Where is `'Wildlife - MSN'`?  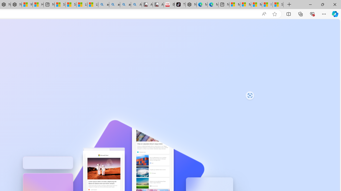 'Wildlife - MSN' is located at coordinates (27, 5).